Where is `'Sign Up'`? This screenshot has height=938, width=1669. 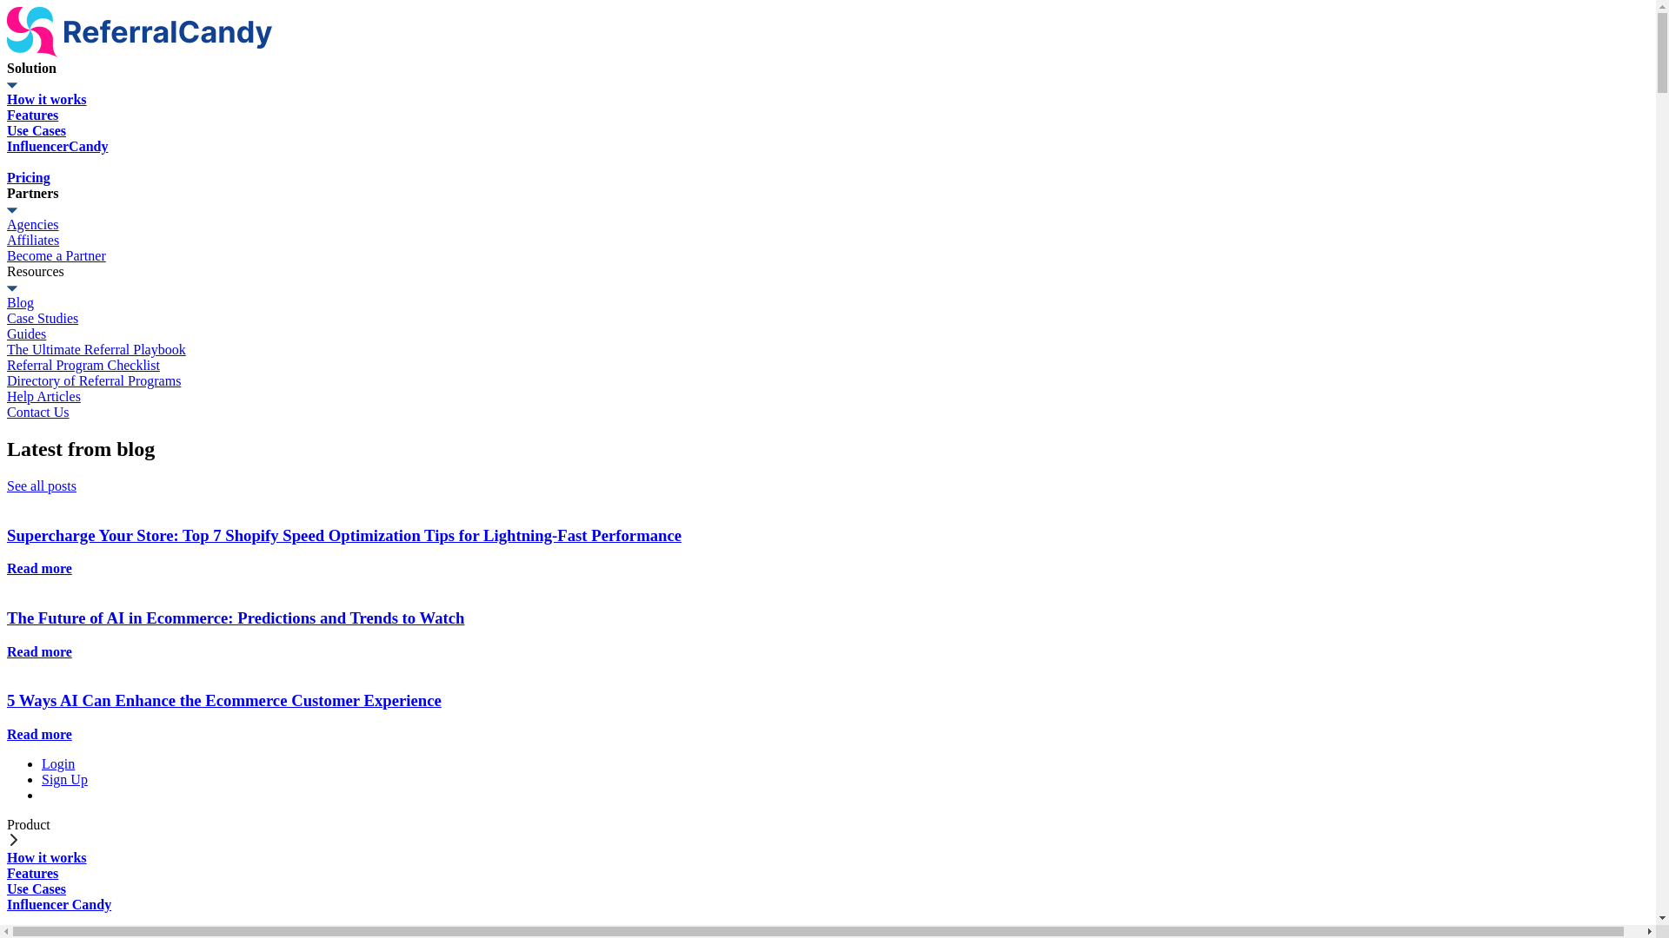
'Sign Up' is located at coordinates (64, 778).